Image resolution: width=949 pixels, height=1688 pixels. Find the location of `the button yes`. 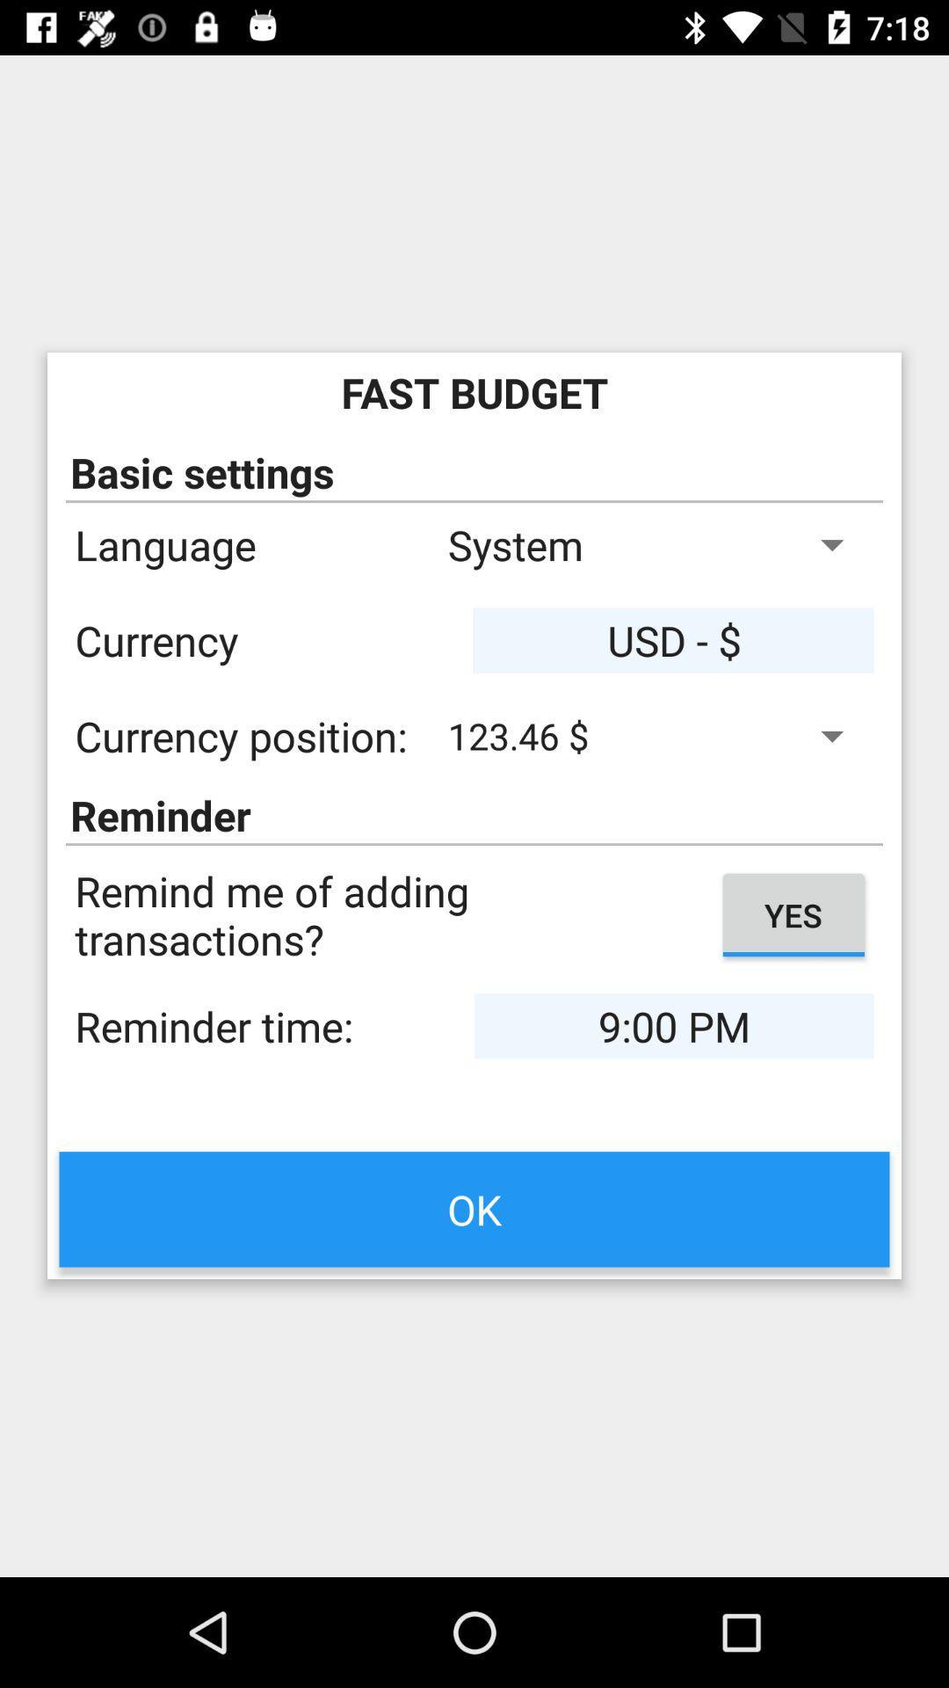

the button yes is located at coordinates (793, 914).